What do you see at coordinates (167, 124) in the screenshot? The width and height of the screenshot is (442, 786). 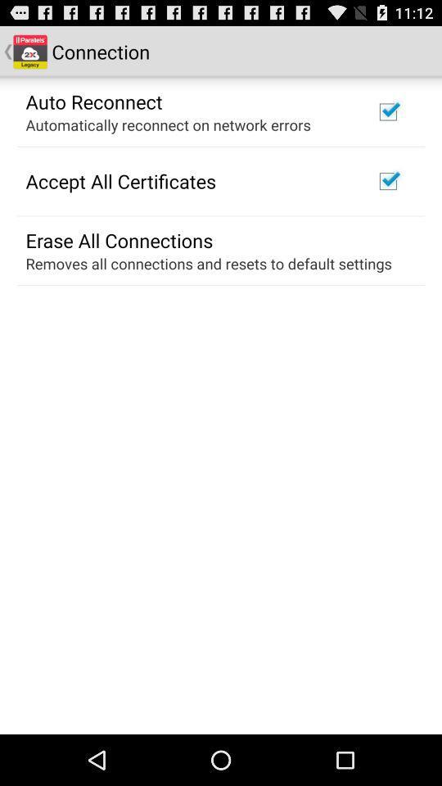 I see `the item above accept all certificates app` at bounding box center [167, 124].